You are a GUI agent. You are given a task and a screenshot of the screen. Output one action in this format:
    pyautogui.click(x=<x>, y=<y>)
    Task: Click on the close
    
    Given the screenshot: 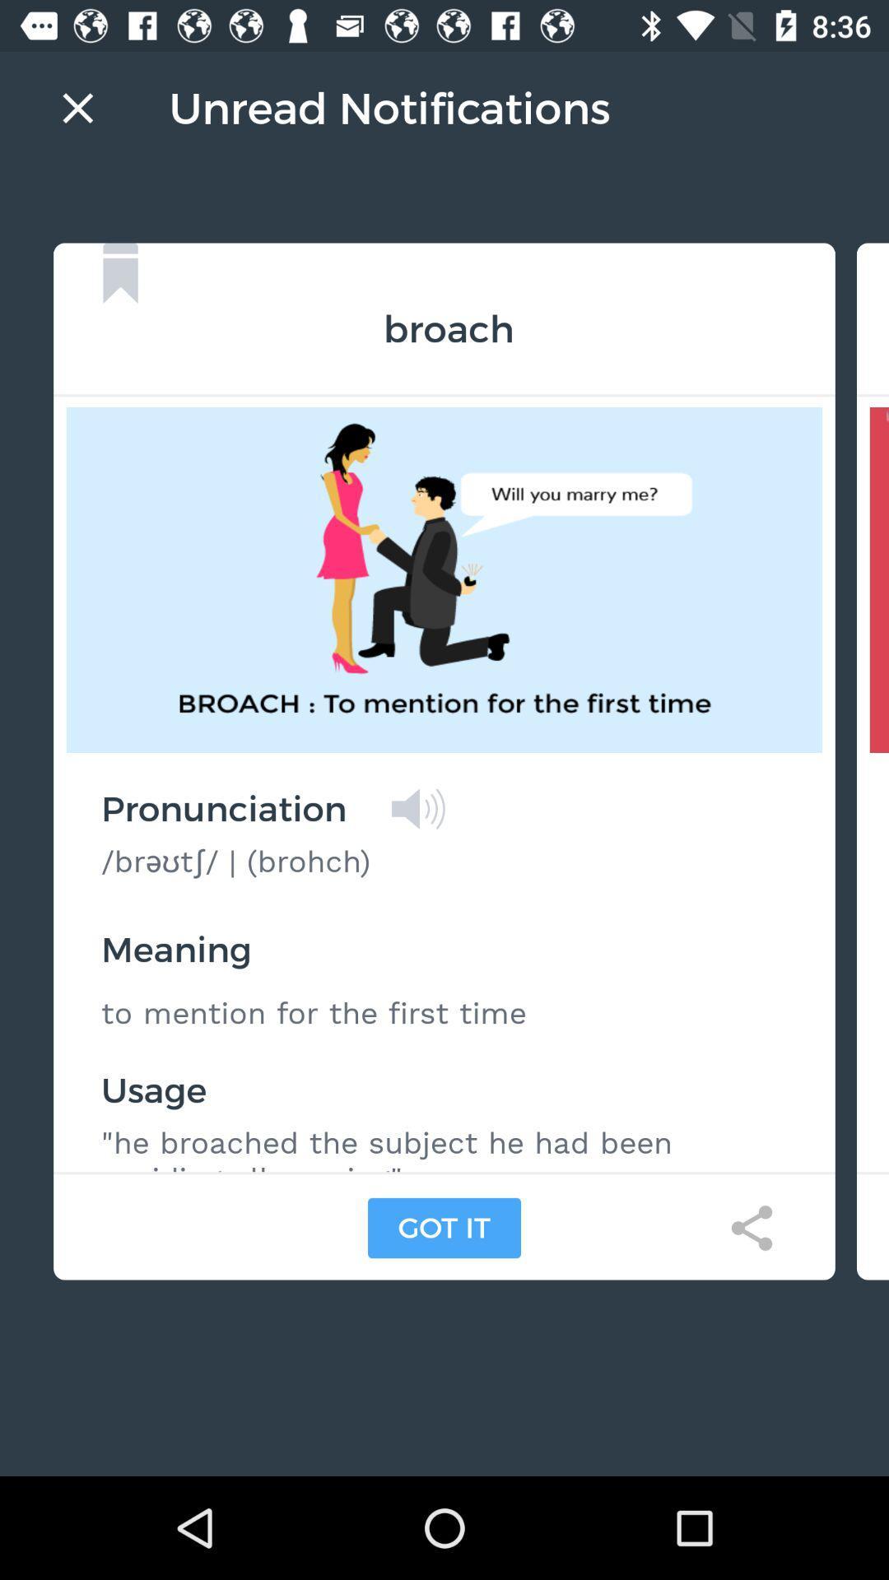 What is the action you would take?
    pyautogui.click(x=77, y=107)
    